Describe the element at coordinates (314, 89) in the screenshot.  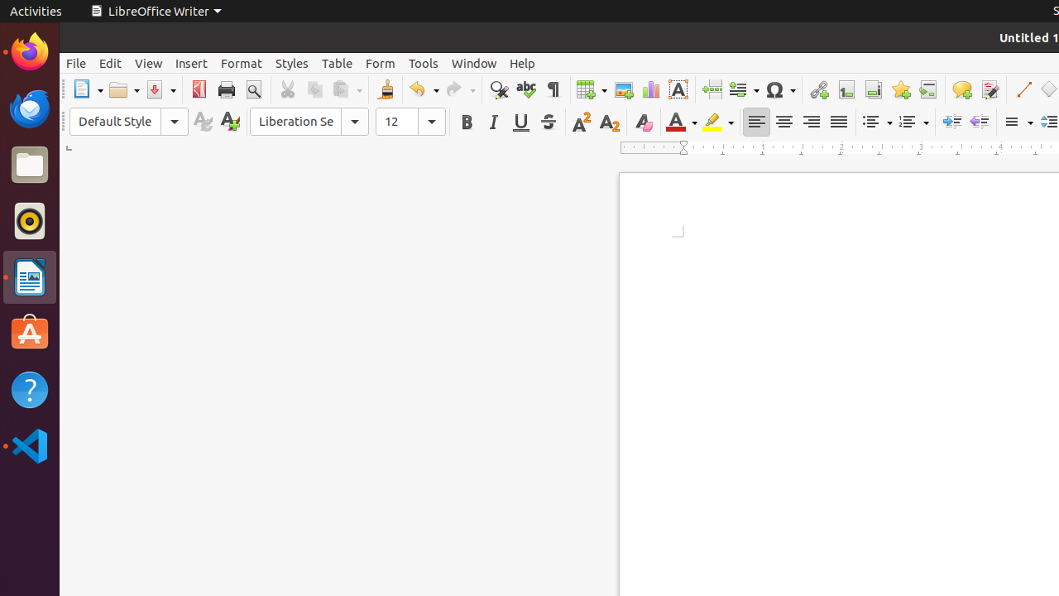
I see `'Copy'` at that location.